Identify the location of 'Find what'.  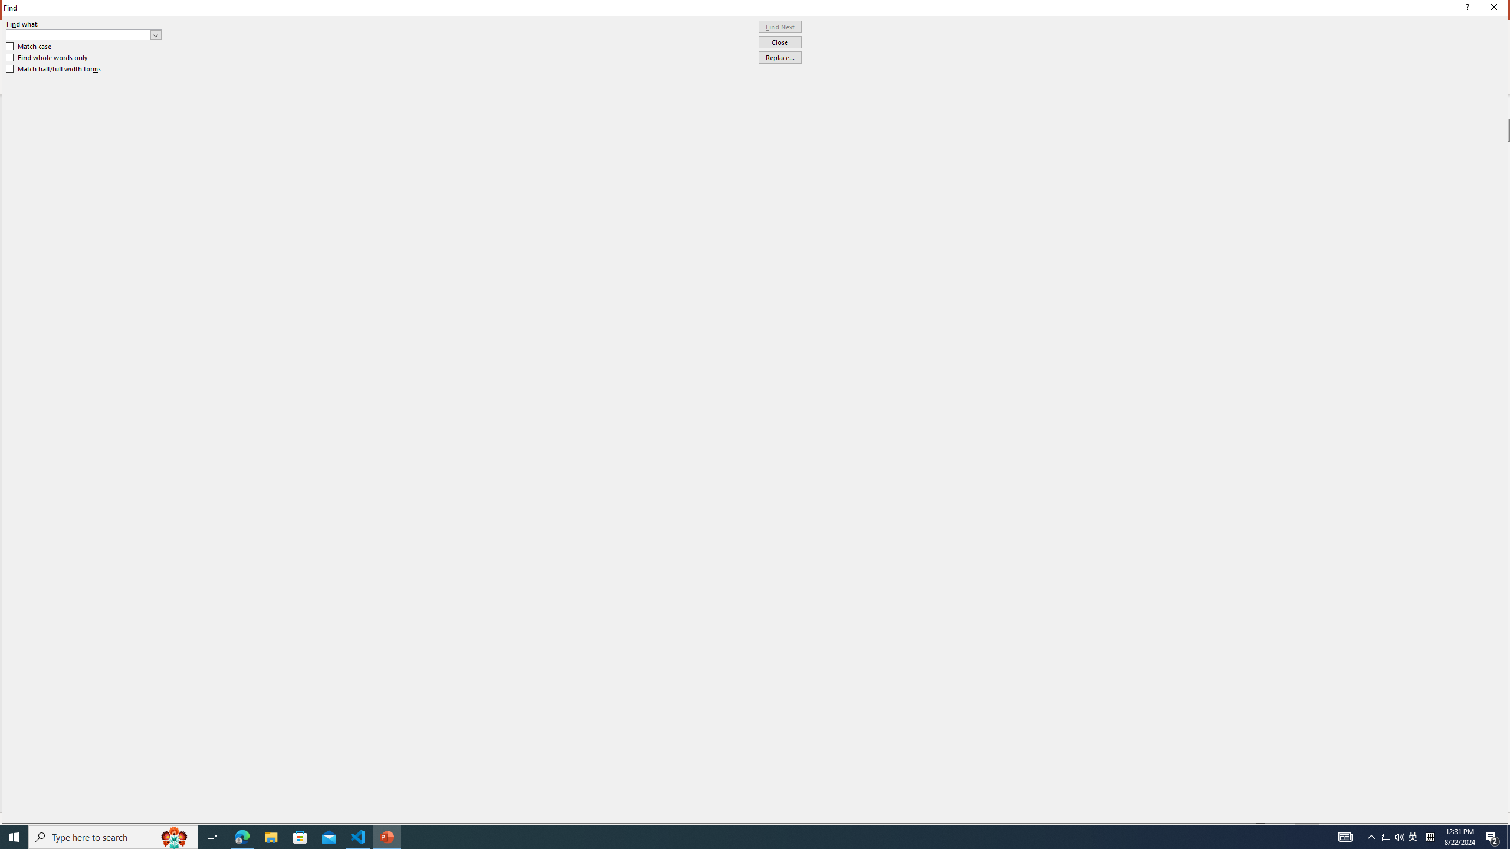
(78, 34).